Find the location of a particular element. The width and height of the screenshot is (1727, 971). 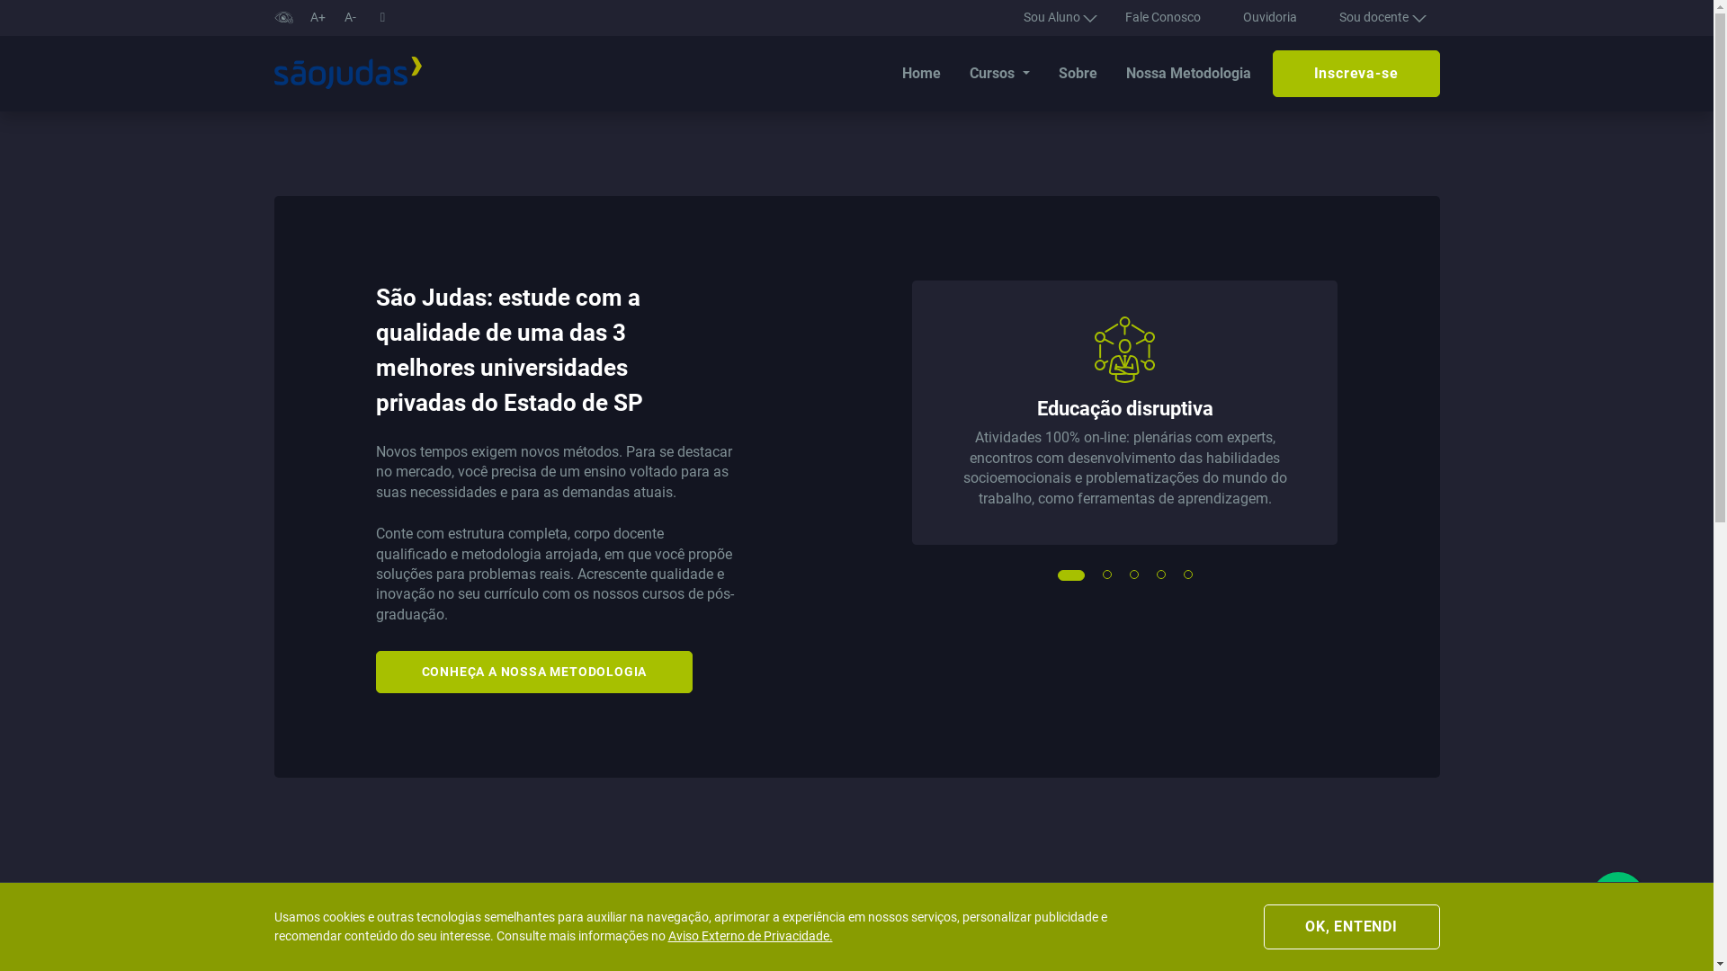

'Home' is located at coordinates (921, 72).